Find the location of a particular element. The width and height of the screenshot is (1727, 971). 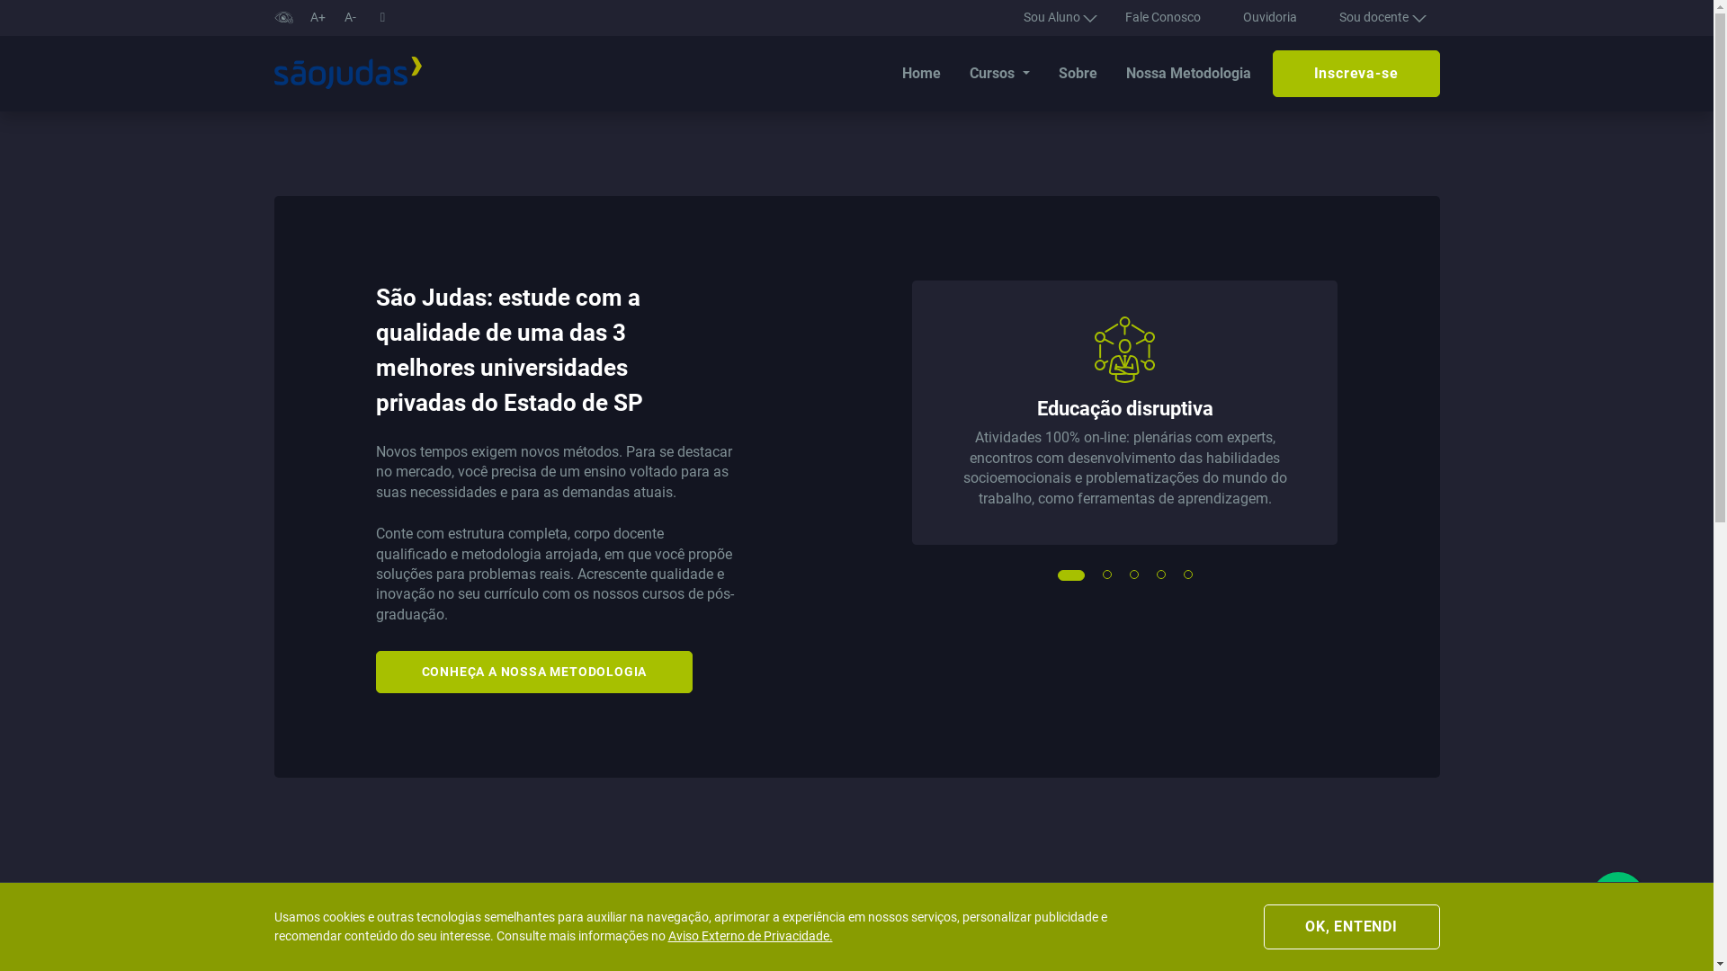

'Home' is located at coordinates (921, 72).